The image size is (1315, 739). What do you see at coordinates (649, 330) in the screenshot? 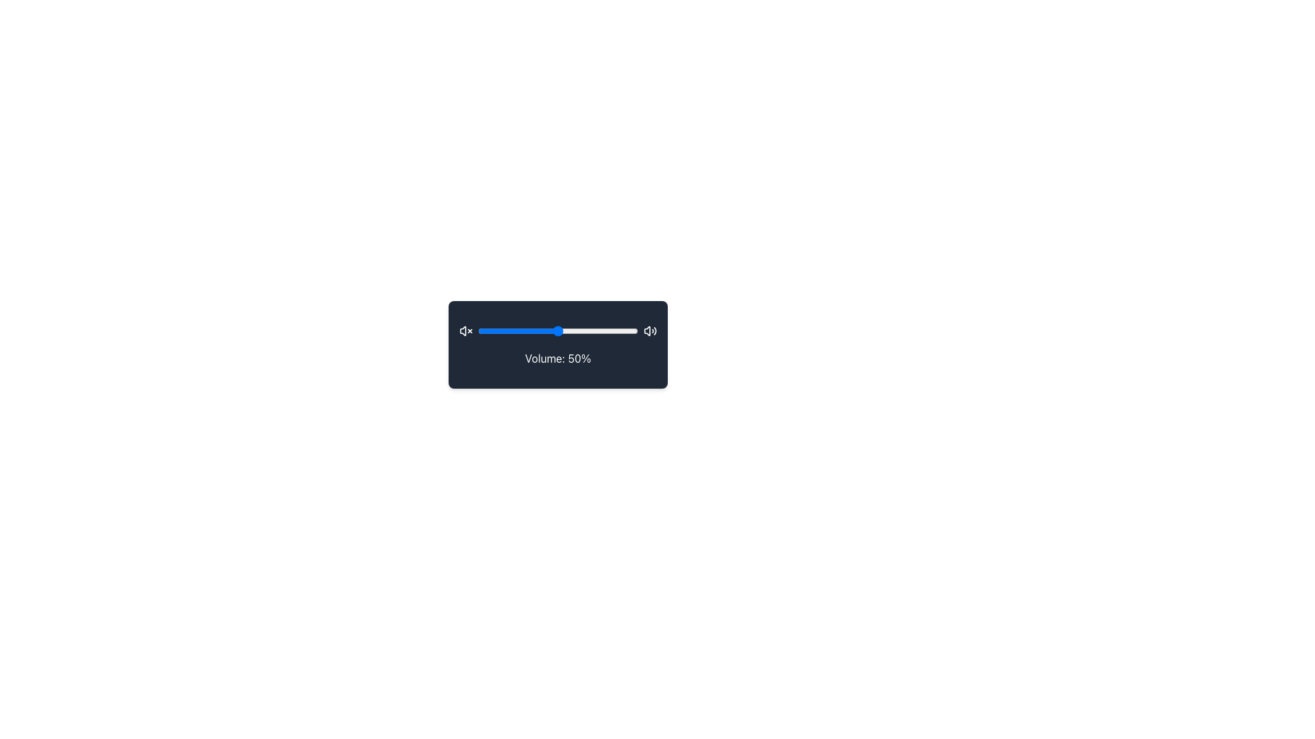
I see `audio volume icon located at the far-right of the volume control interface, which indicates higher volume or unmuted state` at bounding box center [649, 330].